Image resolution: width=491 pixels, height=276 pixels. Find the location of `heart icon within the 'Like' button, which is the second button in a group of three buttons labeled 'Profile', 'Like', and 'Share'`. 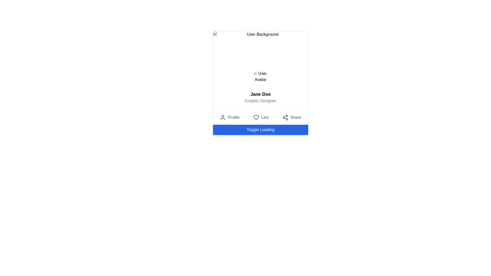

heart icon within the 'Like' button, which is the second button in a group of three buttons labeled 'Profile', 'Like', and 'Share' is located at coordinates (256, 117).